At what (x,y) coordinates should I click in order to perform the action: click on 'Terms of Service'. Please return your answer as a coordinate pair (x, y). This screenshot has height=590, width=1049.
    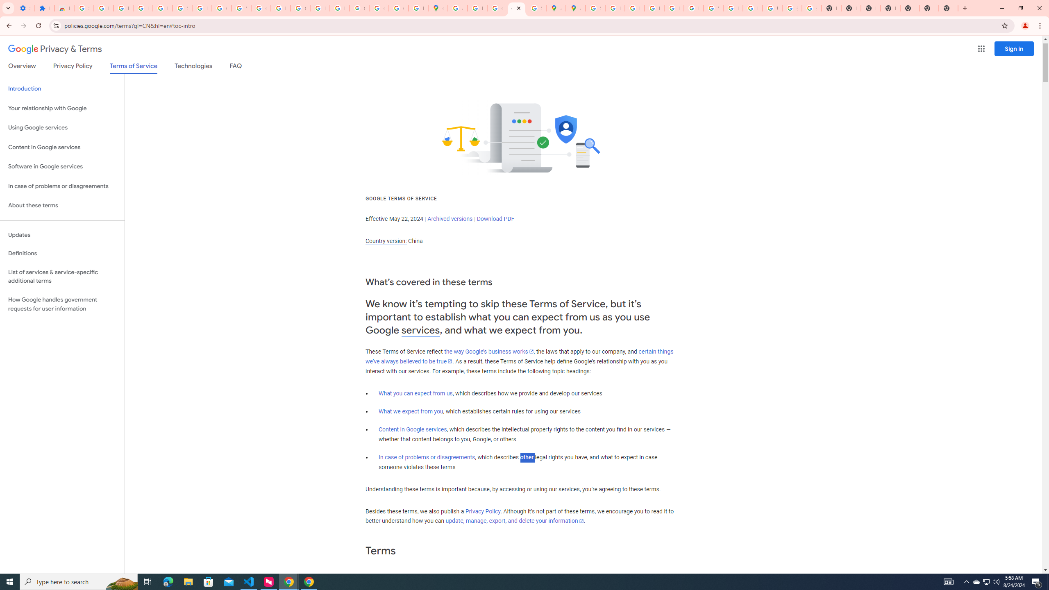
    Looking at the image, I should click on (133, 68).